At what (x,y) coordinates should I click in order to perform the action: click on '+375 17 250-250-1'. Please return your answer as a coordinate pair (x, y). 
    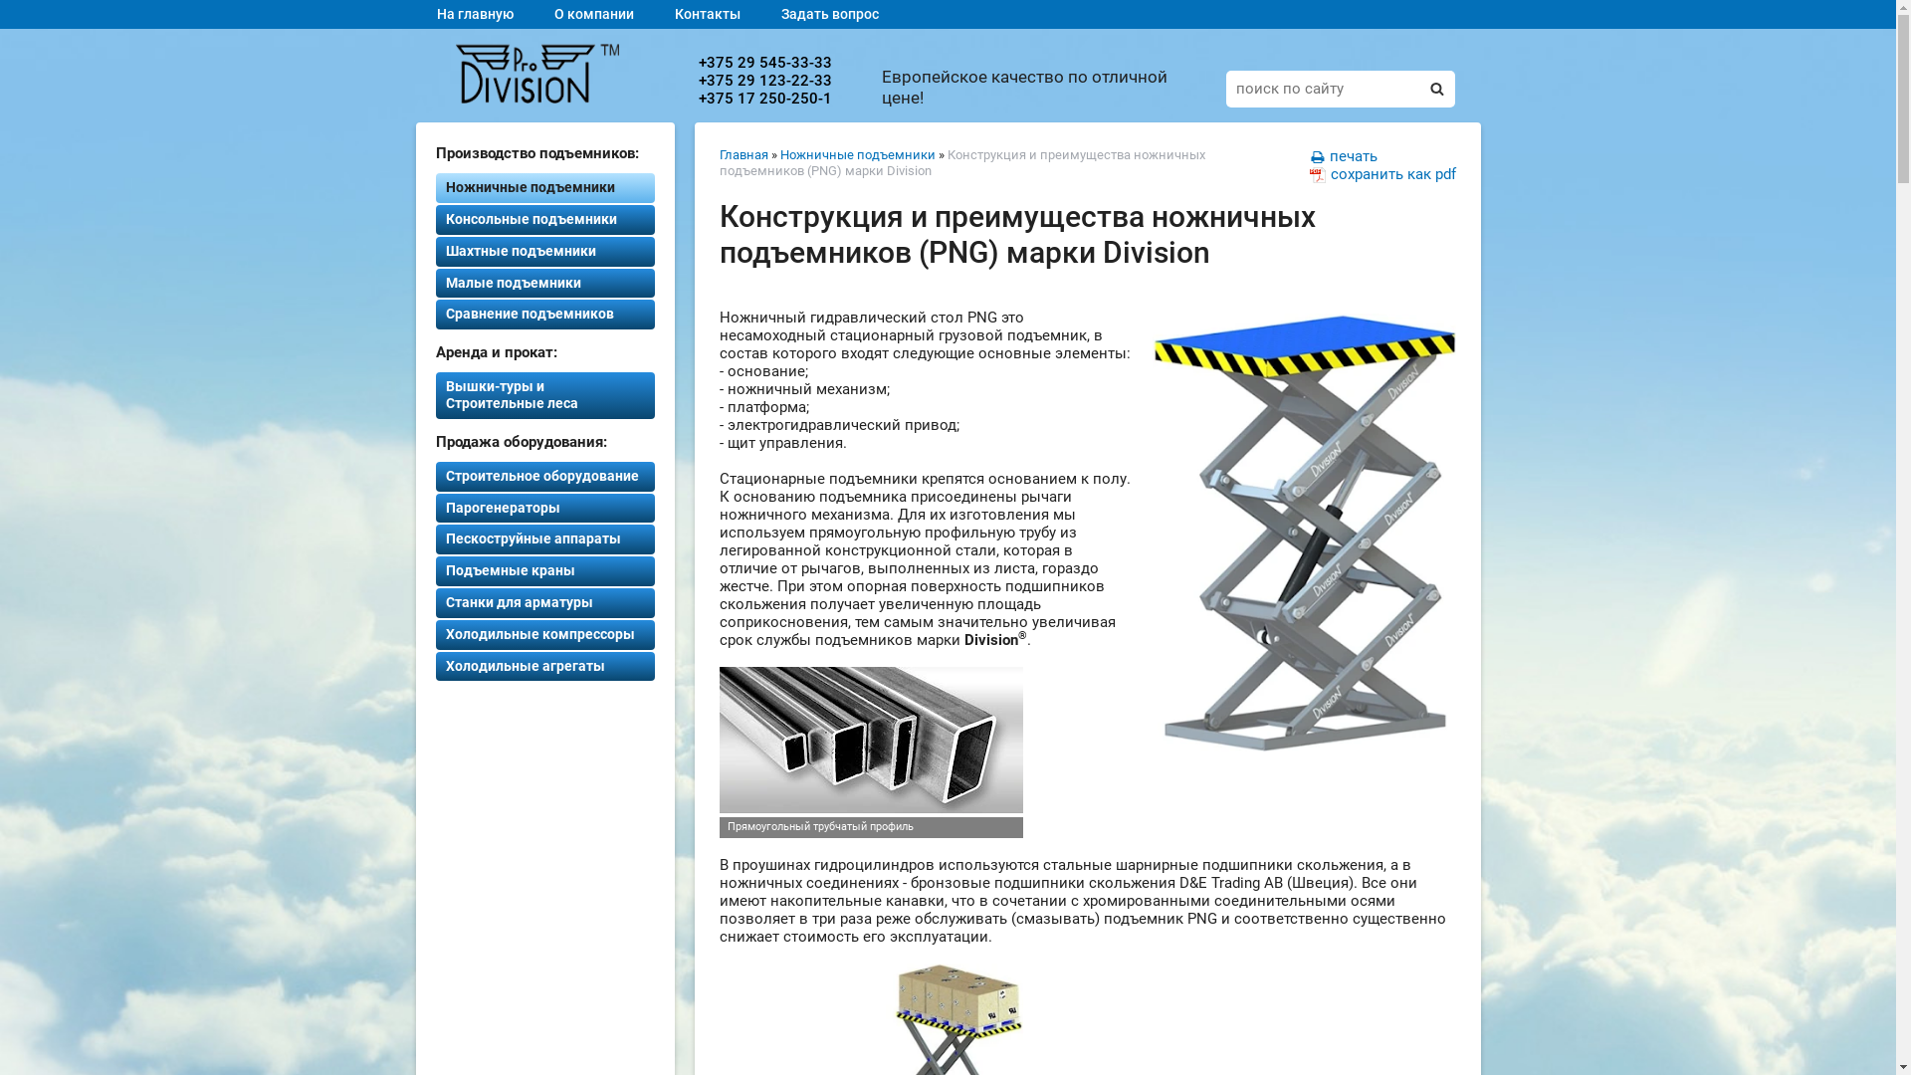
    Looking at the image, I should click on (763, 99).